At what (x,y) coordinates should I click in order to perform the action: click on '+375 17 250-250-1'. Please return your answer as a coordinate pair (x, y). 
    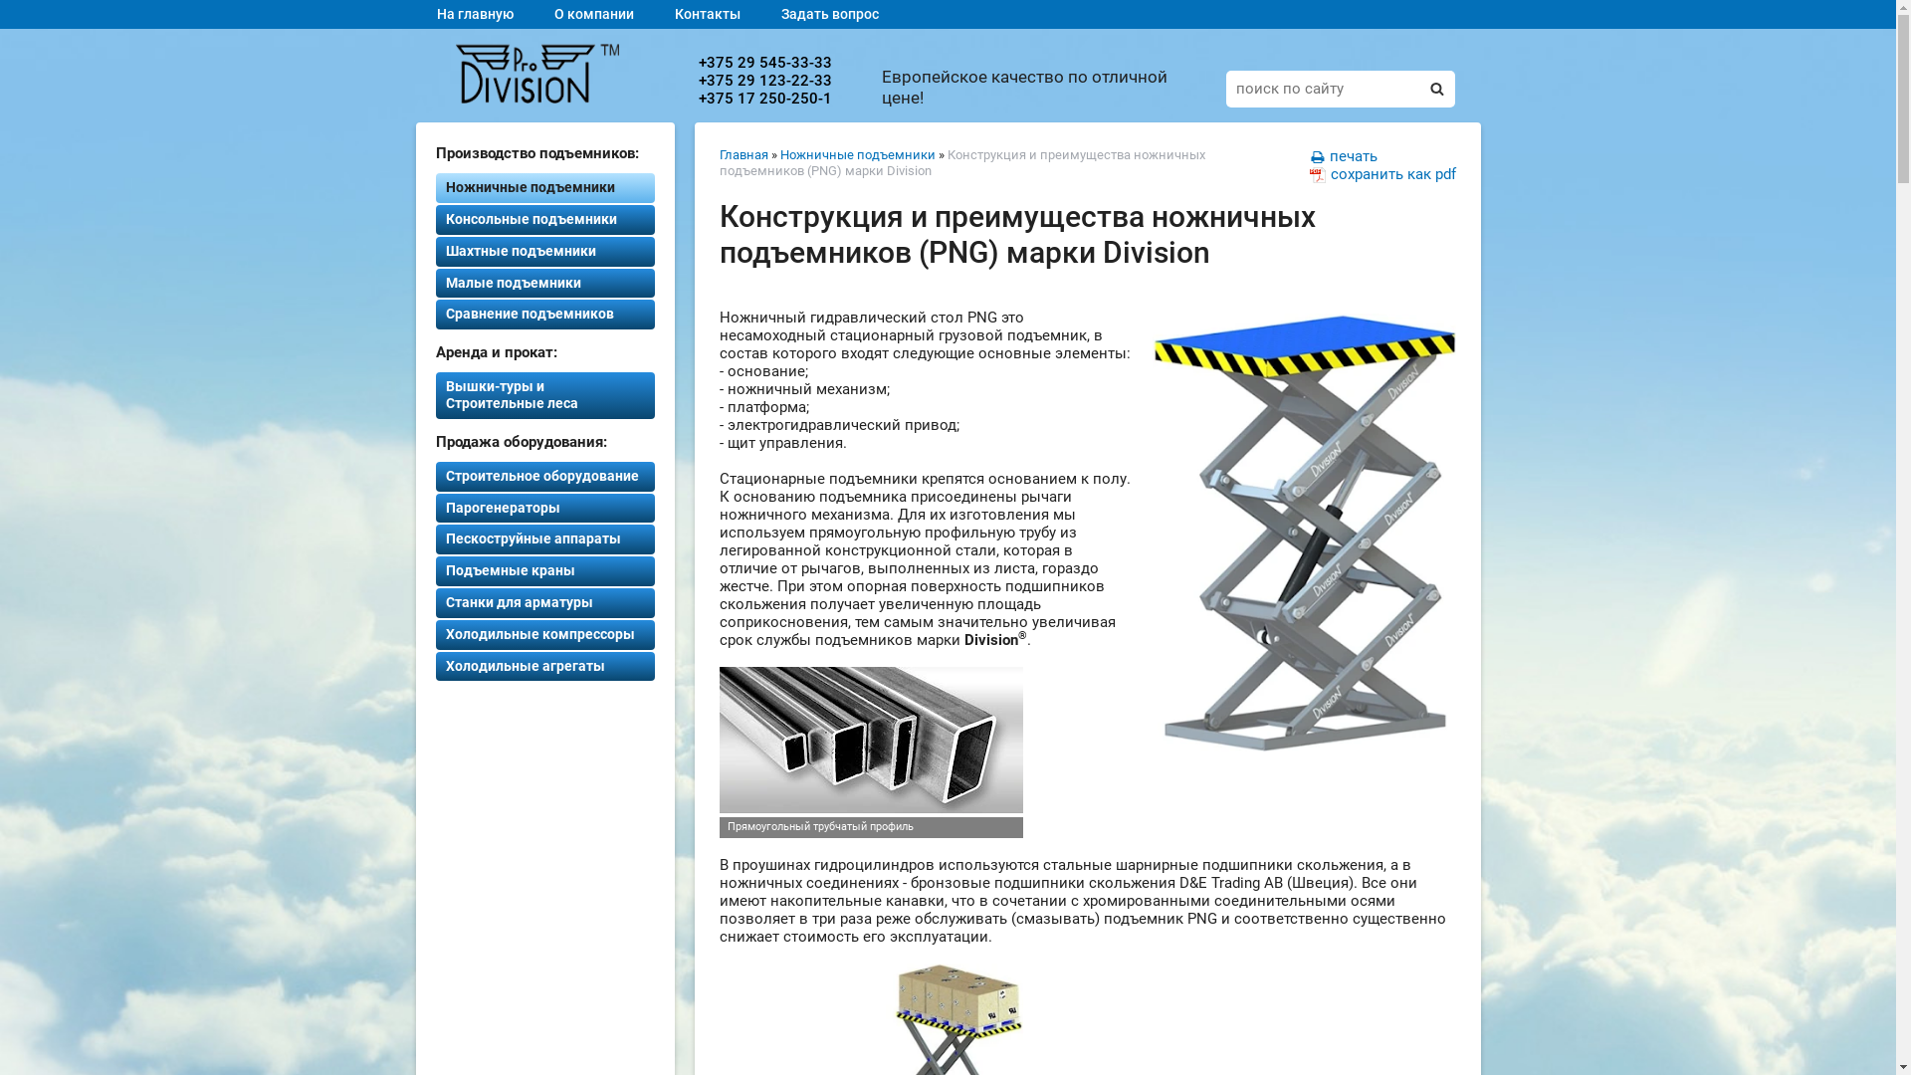
    Looking at the image, I should click on (763, 99).